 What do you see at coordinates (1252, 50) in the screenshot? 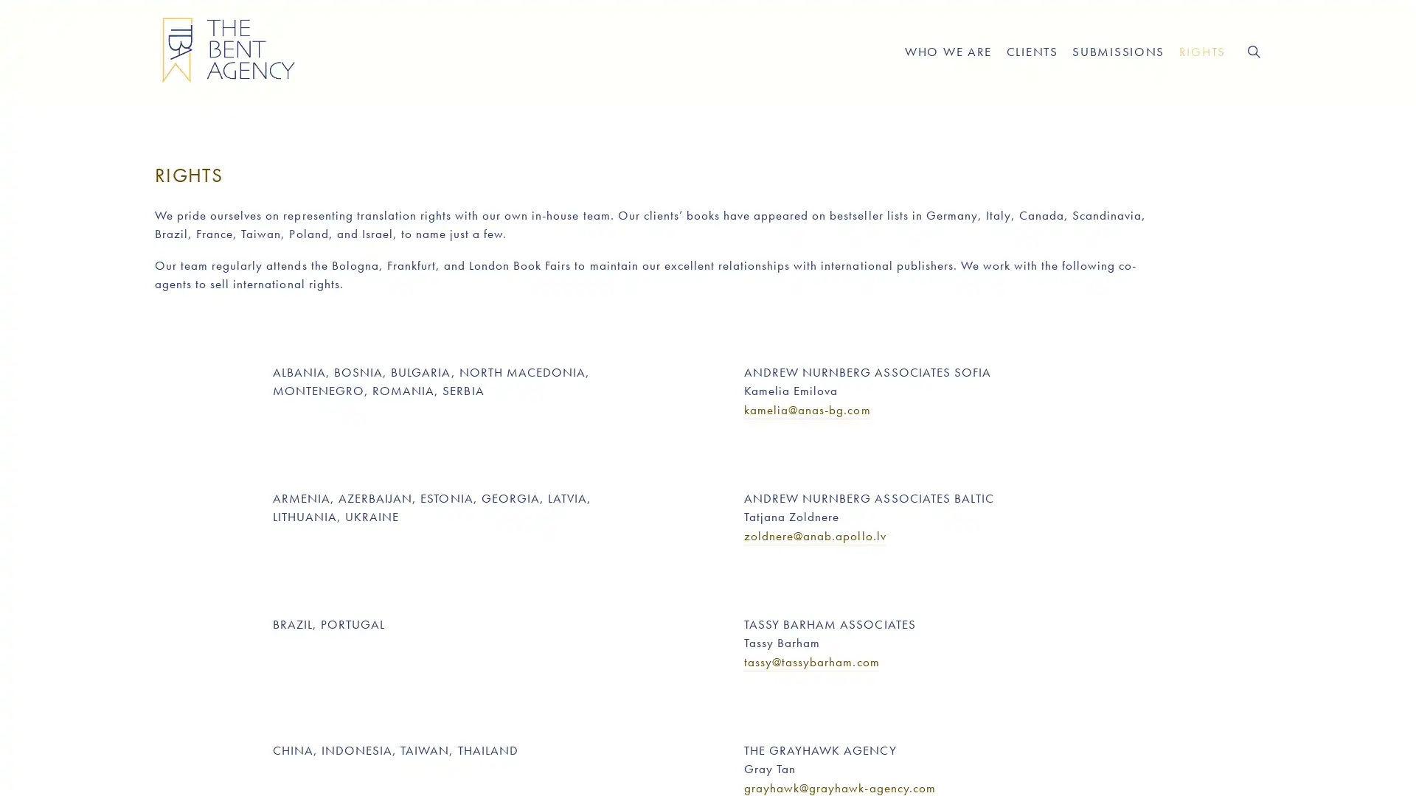
I see `Search` at bounding box center [1252, 50].